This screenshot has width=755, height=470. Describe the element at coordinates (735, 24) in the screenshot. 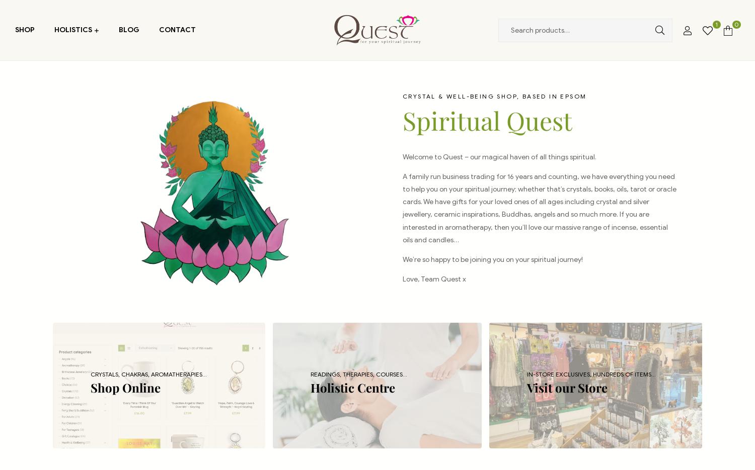

I see `'0'` at that location.